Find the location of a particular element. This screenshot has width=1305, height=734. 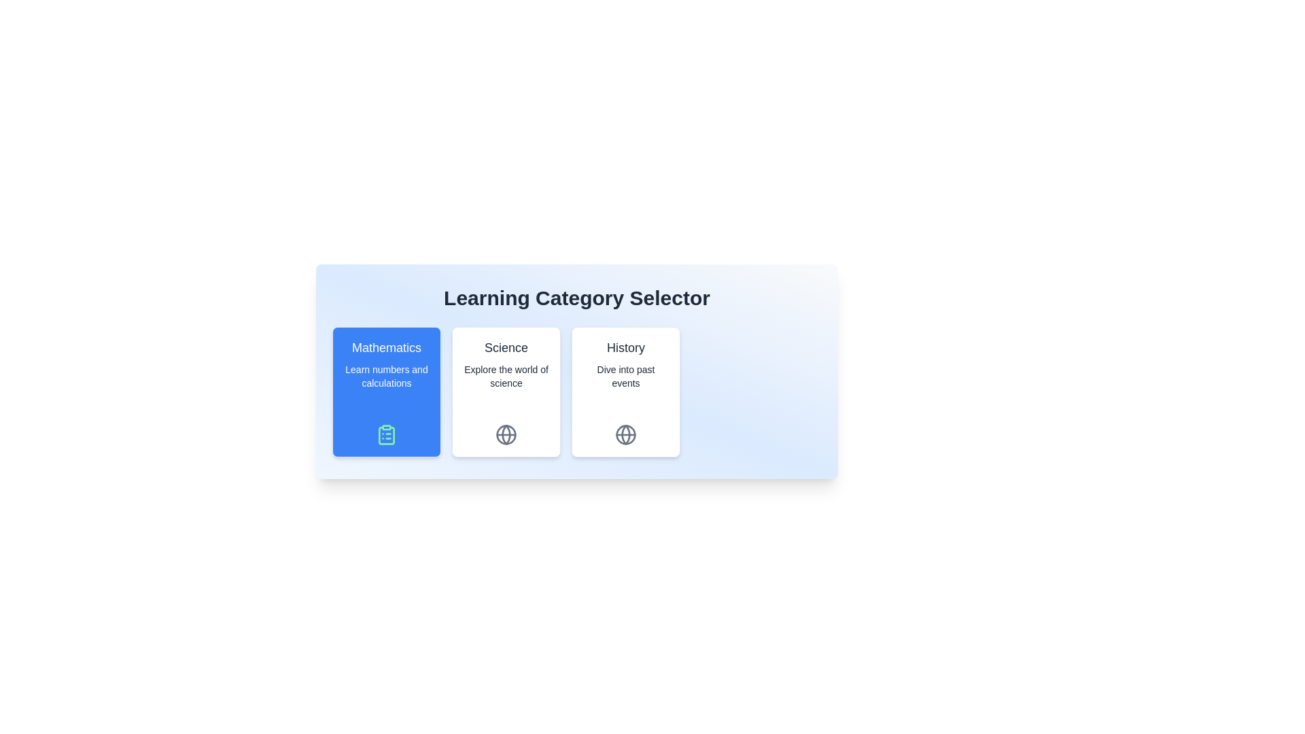

the chip corresponding to History is located at coordinates (625, 392).